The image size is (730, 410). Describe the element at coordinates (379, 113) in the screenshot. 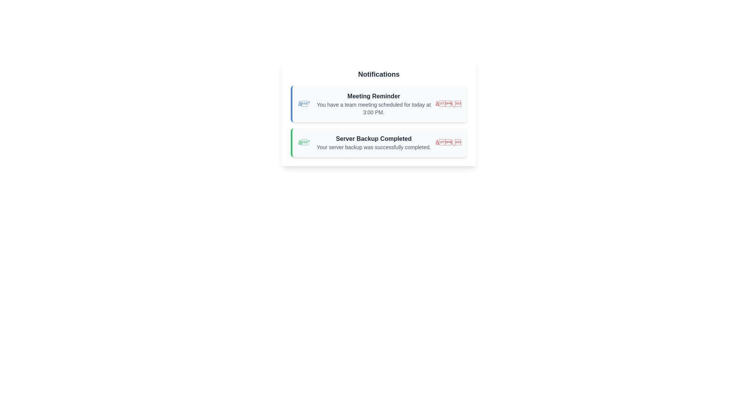

I see `the 'Meeting Reminder' or 'Server Backup Completed' notification in the notifications card, identified by its bold header and stacked notification entries` at that location.